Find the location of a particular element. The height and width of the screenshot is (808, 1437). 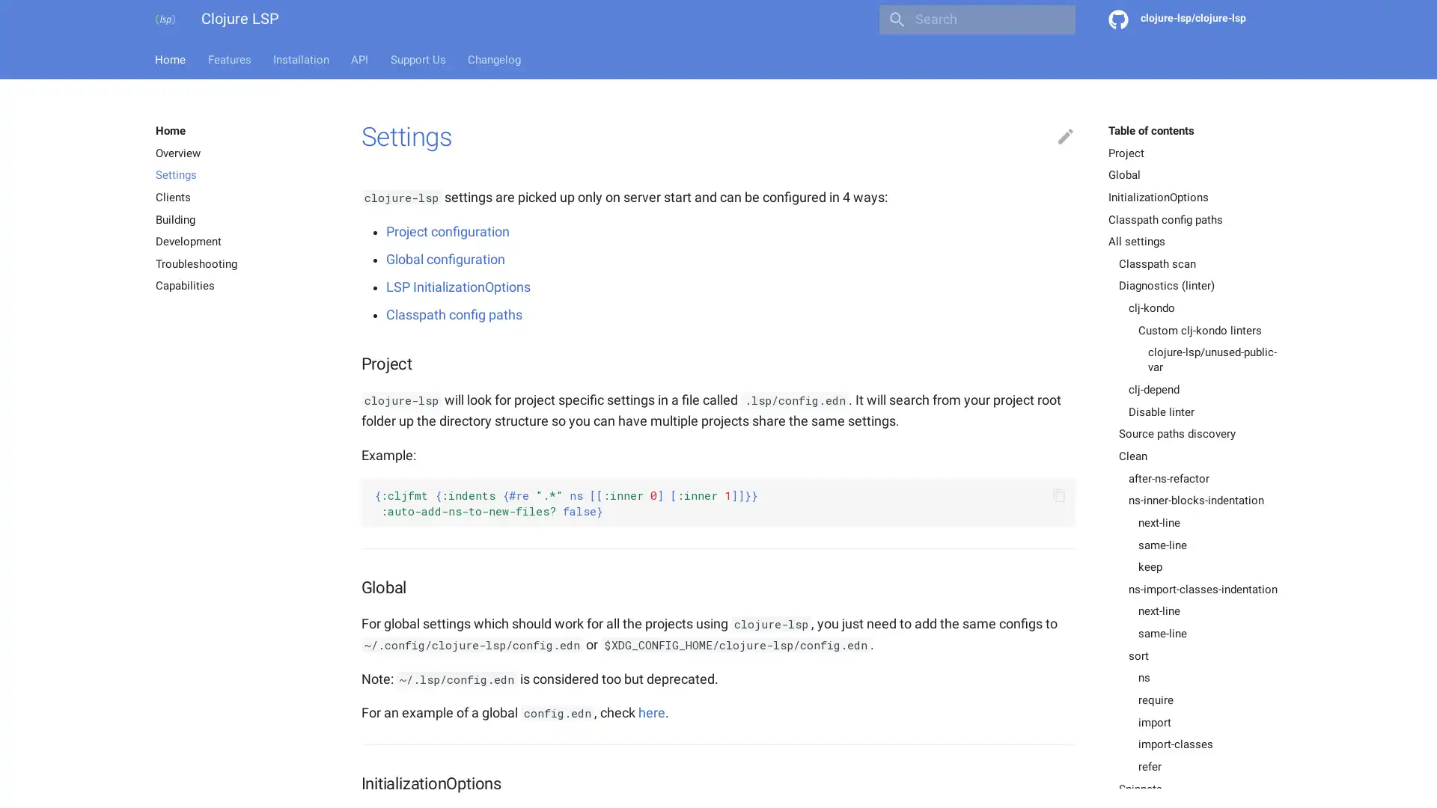

Clear is located at coordinates (1056, 19).